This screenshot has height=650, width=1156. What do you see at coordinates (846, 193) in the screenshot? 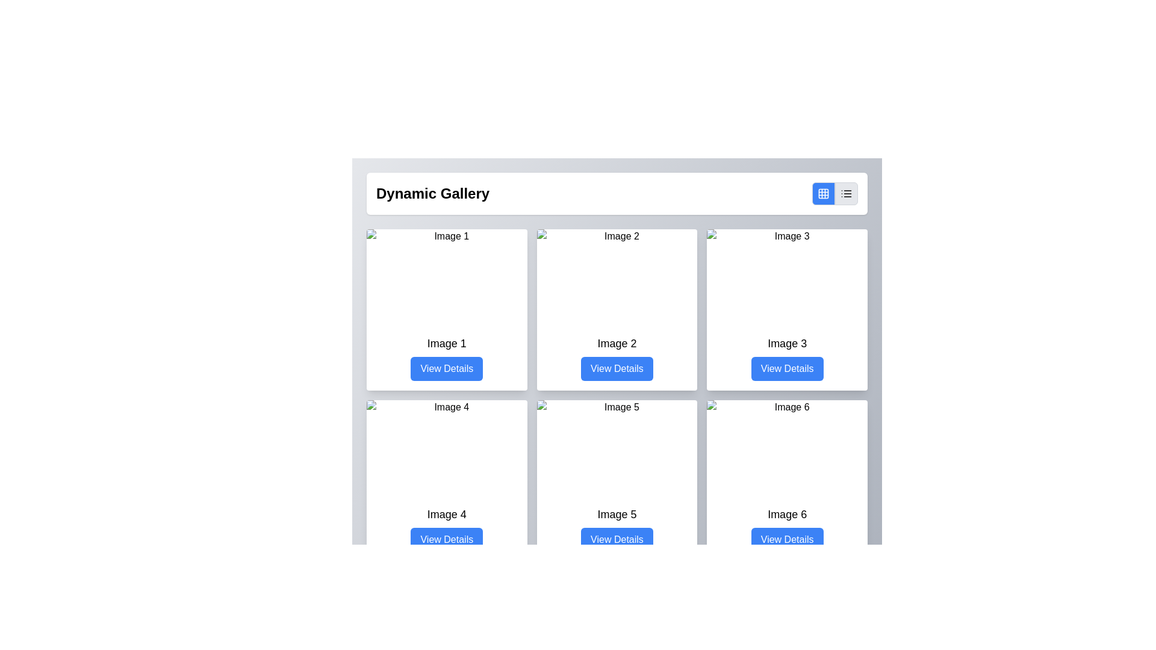
I see `the layout toggler button located in the header section, the second button to the right of the grid icon button` at bounding box center [846, 193].